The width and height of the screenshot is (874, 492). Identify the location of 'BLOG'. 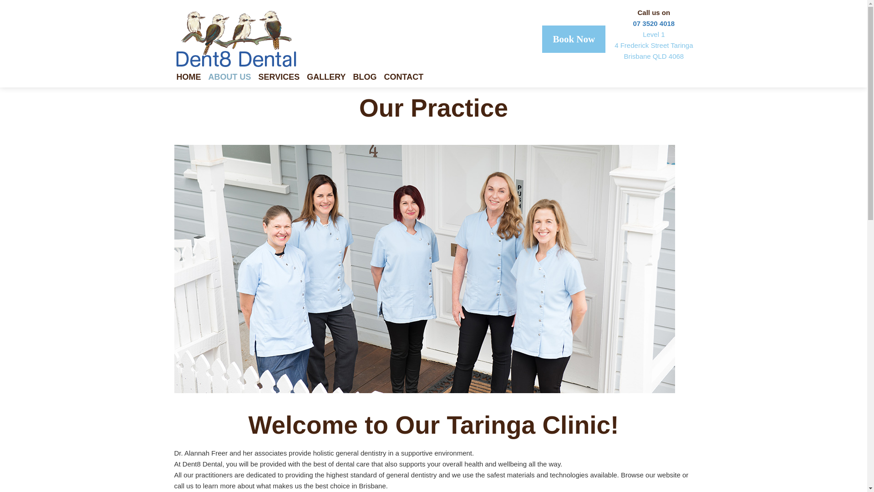
(369, 78).